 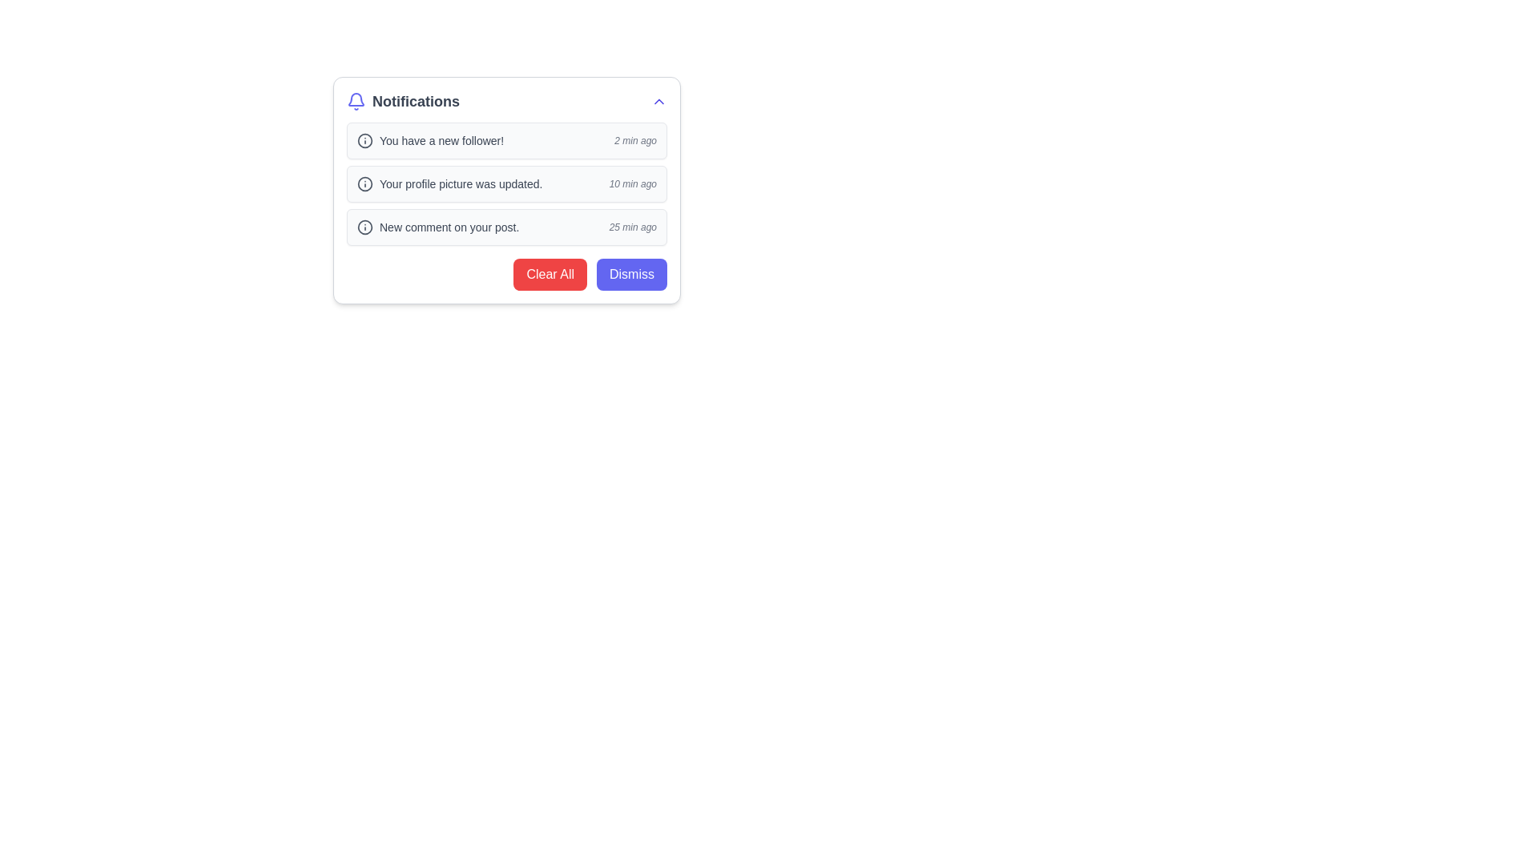 I want to click on the text element that notifies the user about the recent update to their profile picture, located in the second notification of the notification component, so click(x=449, y=183).